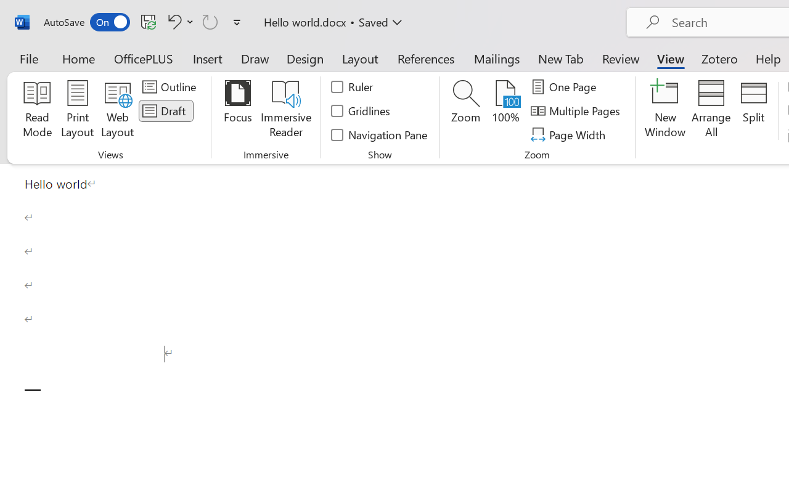  Describe the element at coordinates (465, 110) in the screenshot. I see `'Zoom...'` at that location.